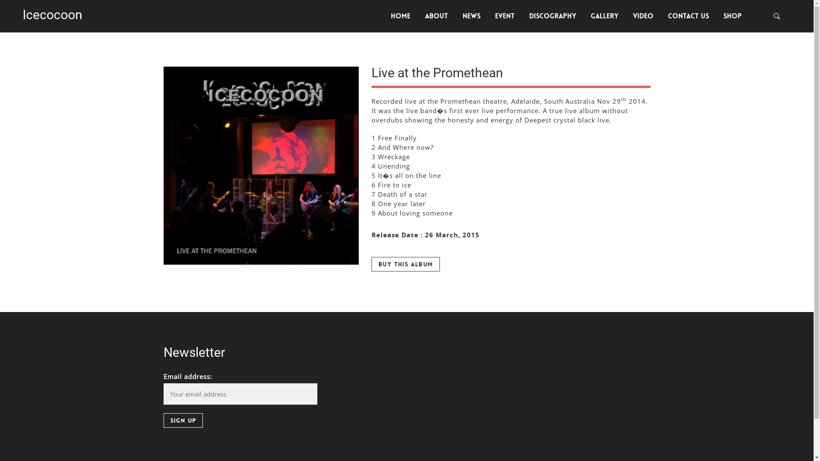 This screenshot has height=461, width=820. What do you see at coordinates (604, 16) in the screenshot?
I see `'GALLERY'` at bounding box center [604, 16].